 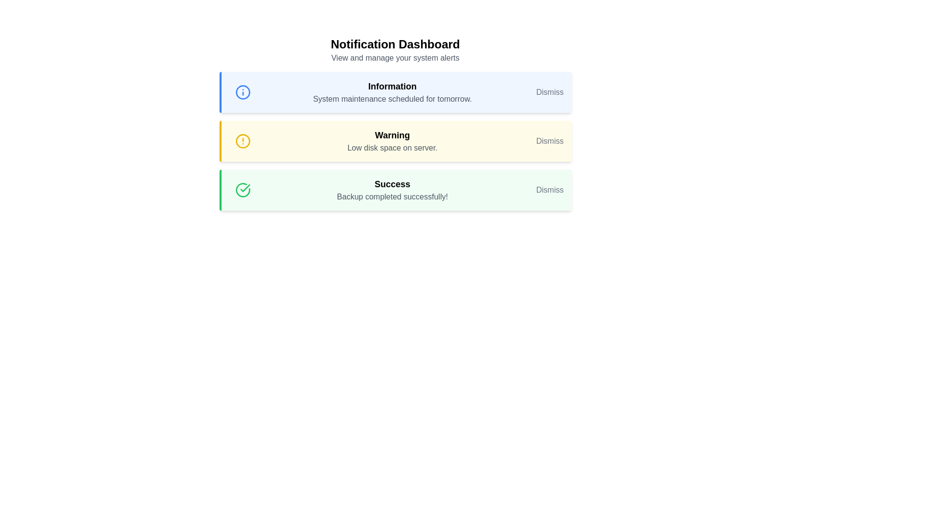 I want to click on the second notification box displaying a warning message about low disk space on the server, located between 'Information' and 'Success', so click(x=392, y=141).